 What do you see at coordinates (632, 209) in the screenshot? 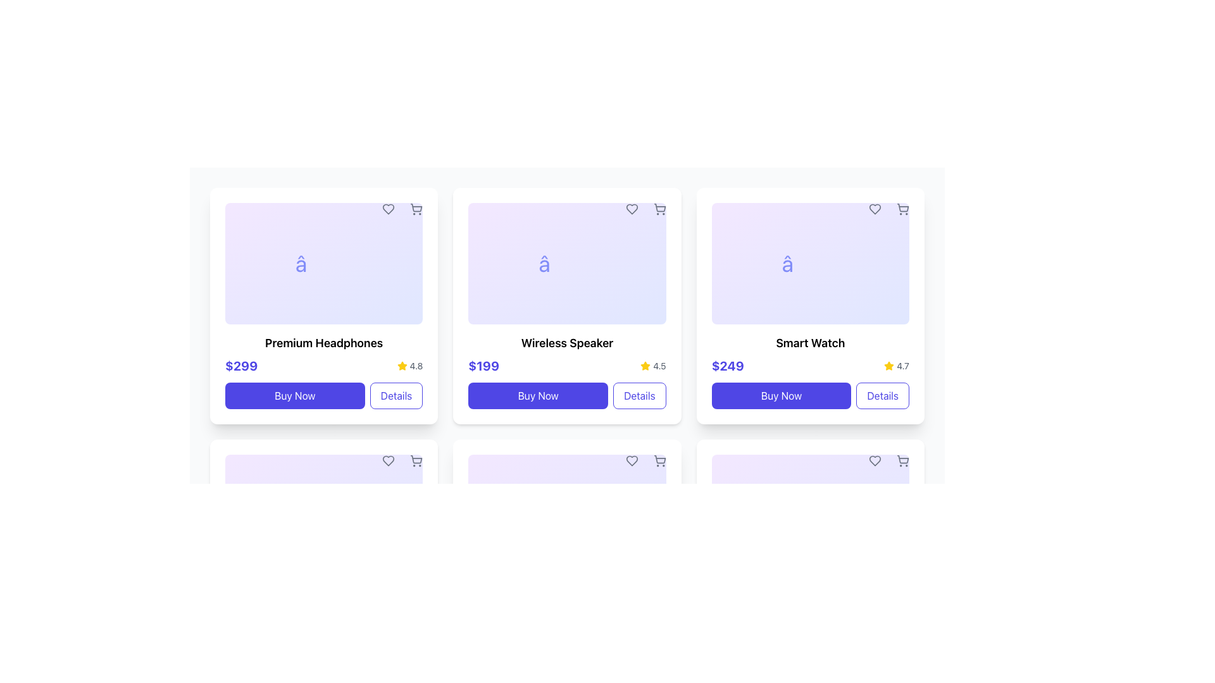
I see `the heart-shaped icon in the upper-right corner of the 'Wireless Speaker' product card` at bounding box center [632, 209].